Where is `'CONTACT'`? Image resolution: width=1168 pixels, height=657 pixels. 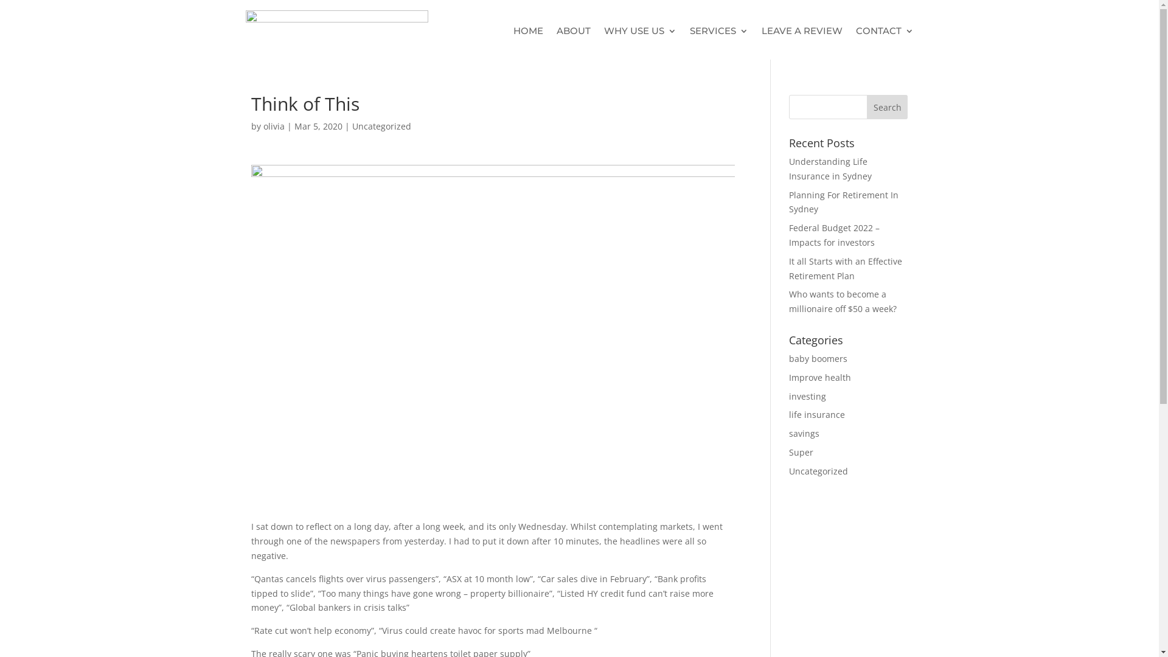
'CONTACT' is located at coordinates (855, 30).